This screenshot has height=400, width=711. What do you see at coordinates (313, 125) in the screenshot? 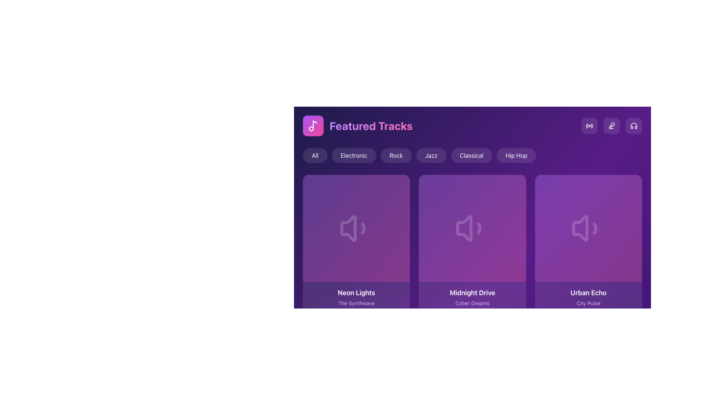
I see `the music icon located in the upper-left corner of the application interface, which is inside a square button with rounded corners featuring a purple-to-pink gradient` at bounding box center [313, 125].